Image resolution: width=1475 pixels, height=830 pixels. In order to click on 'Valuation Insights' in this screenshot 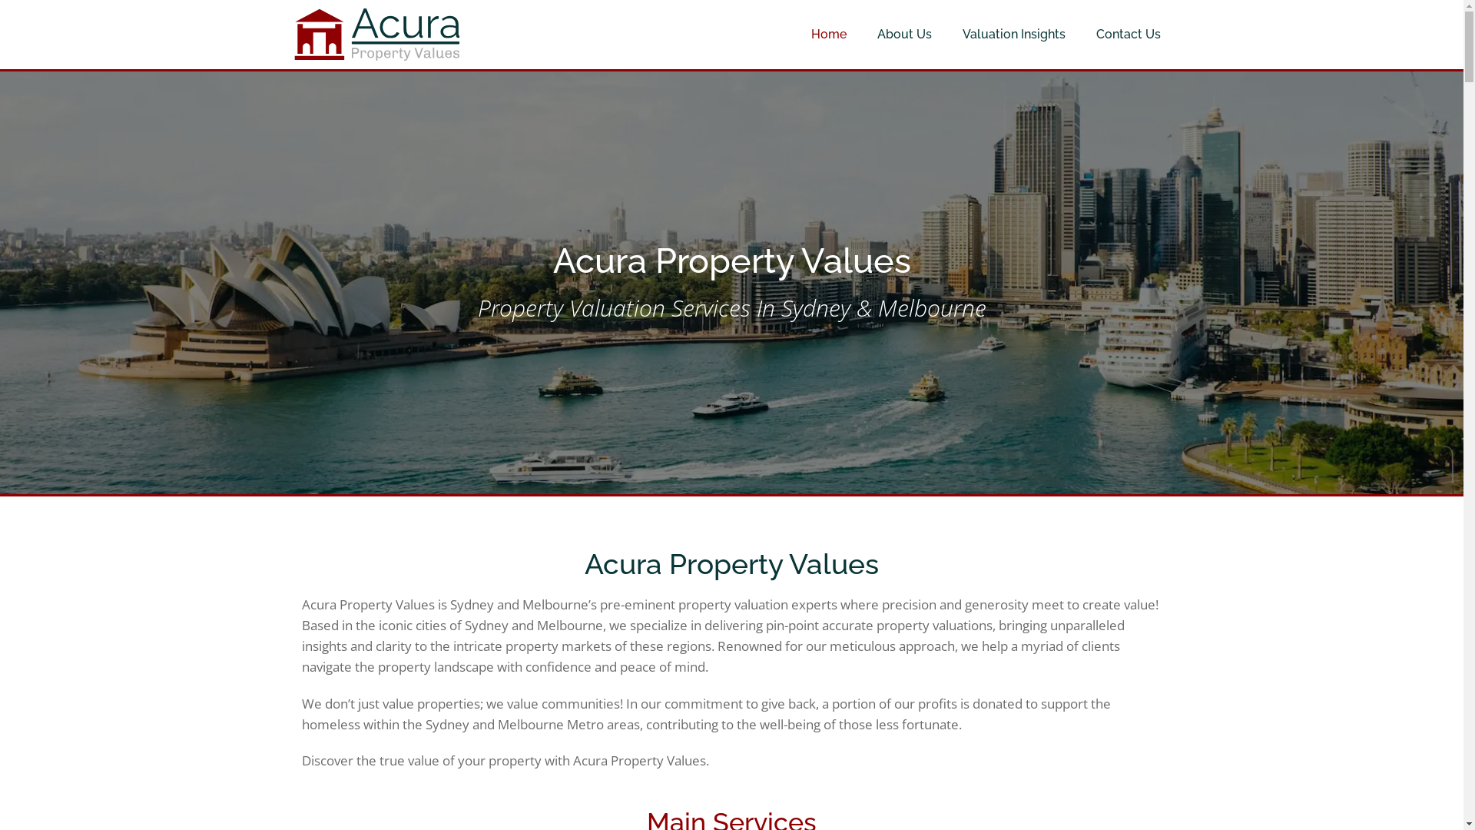, I will do `click(1014, 35)`.